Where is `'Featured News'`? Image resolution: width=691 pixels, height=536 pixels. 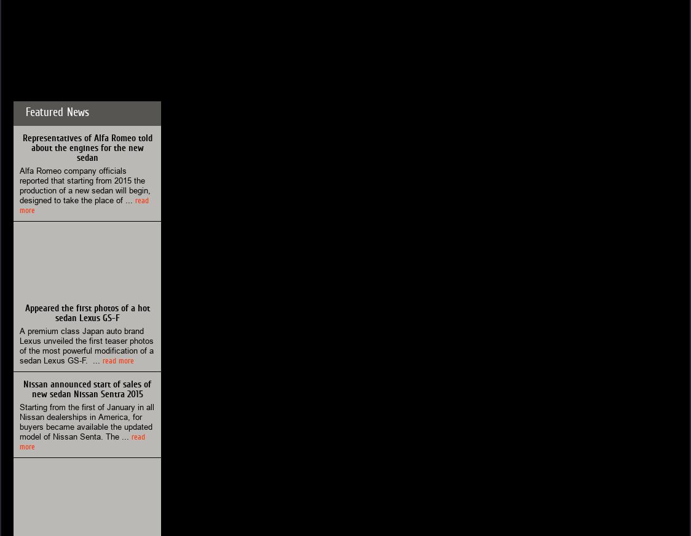
'Featured News' is located at coordinates (57, 111).